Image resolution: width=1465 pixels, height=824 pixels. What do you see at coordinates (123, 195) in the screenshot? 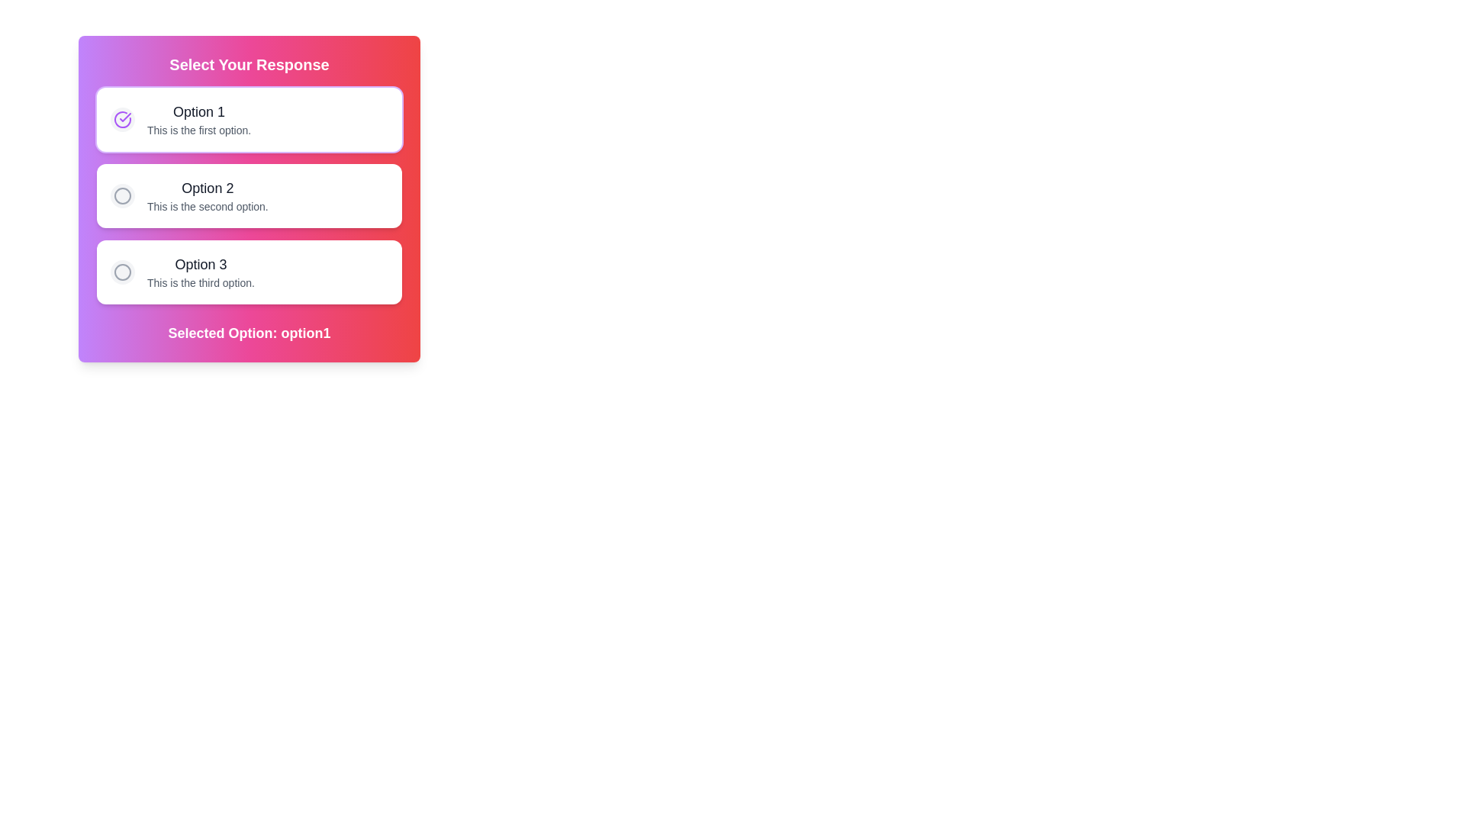
I see `the radio button for 'Option 2'` at bounding box center [123, 195].